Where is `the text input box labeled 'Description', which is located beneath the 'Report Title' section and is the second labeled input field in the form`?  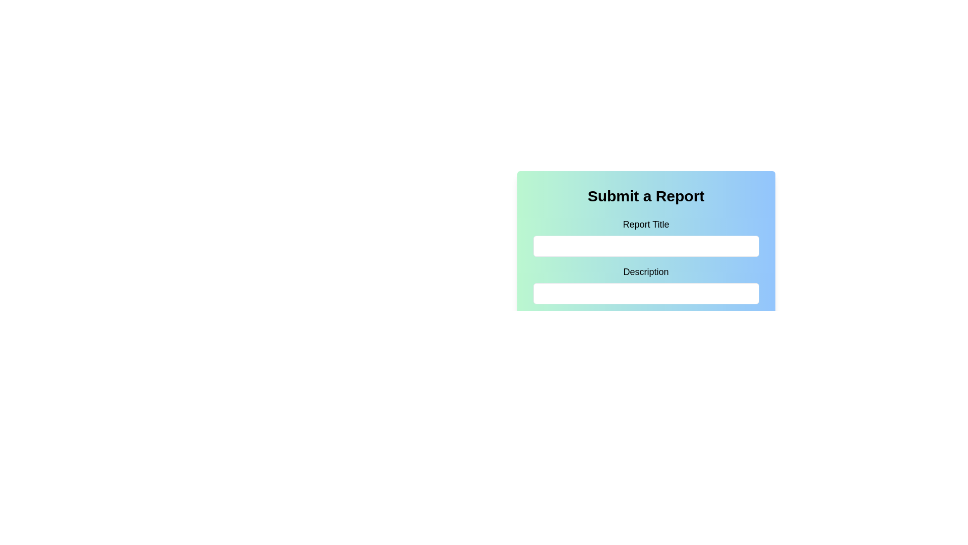
the text input box labeled 'Description', which is located beneath the 'Report Title' section and is the second labeled input field in the form is located at coordinates (646, 284).